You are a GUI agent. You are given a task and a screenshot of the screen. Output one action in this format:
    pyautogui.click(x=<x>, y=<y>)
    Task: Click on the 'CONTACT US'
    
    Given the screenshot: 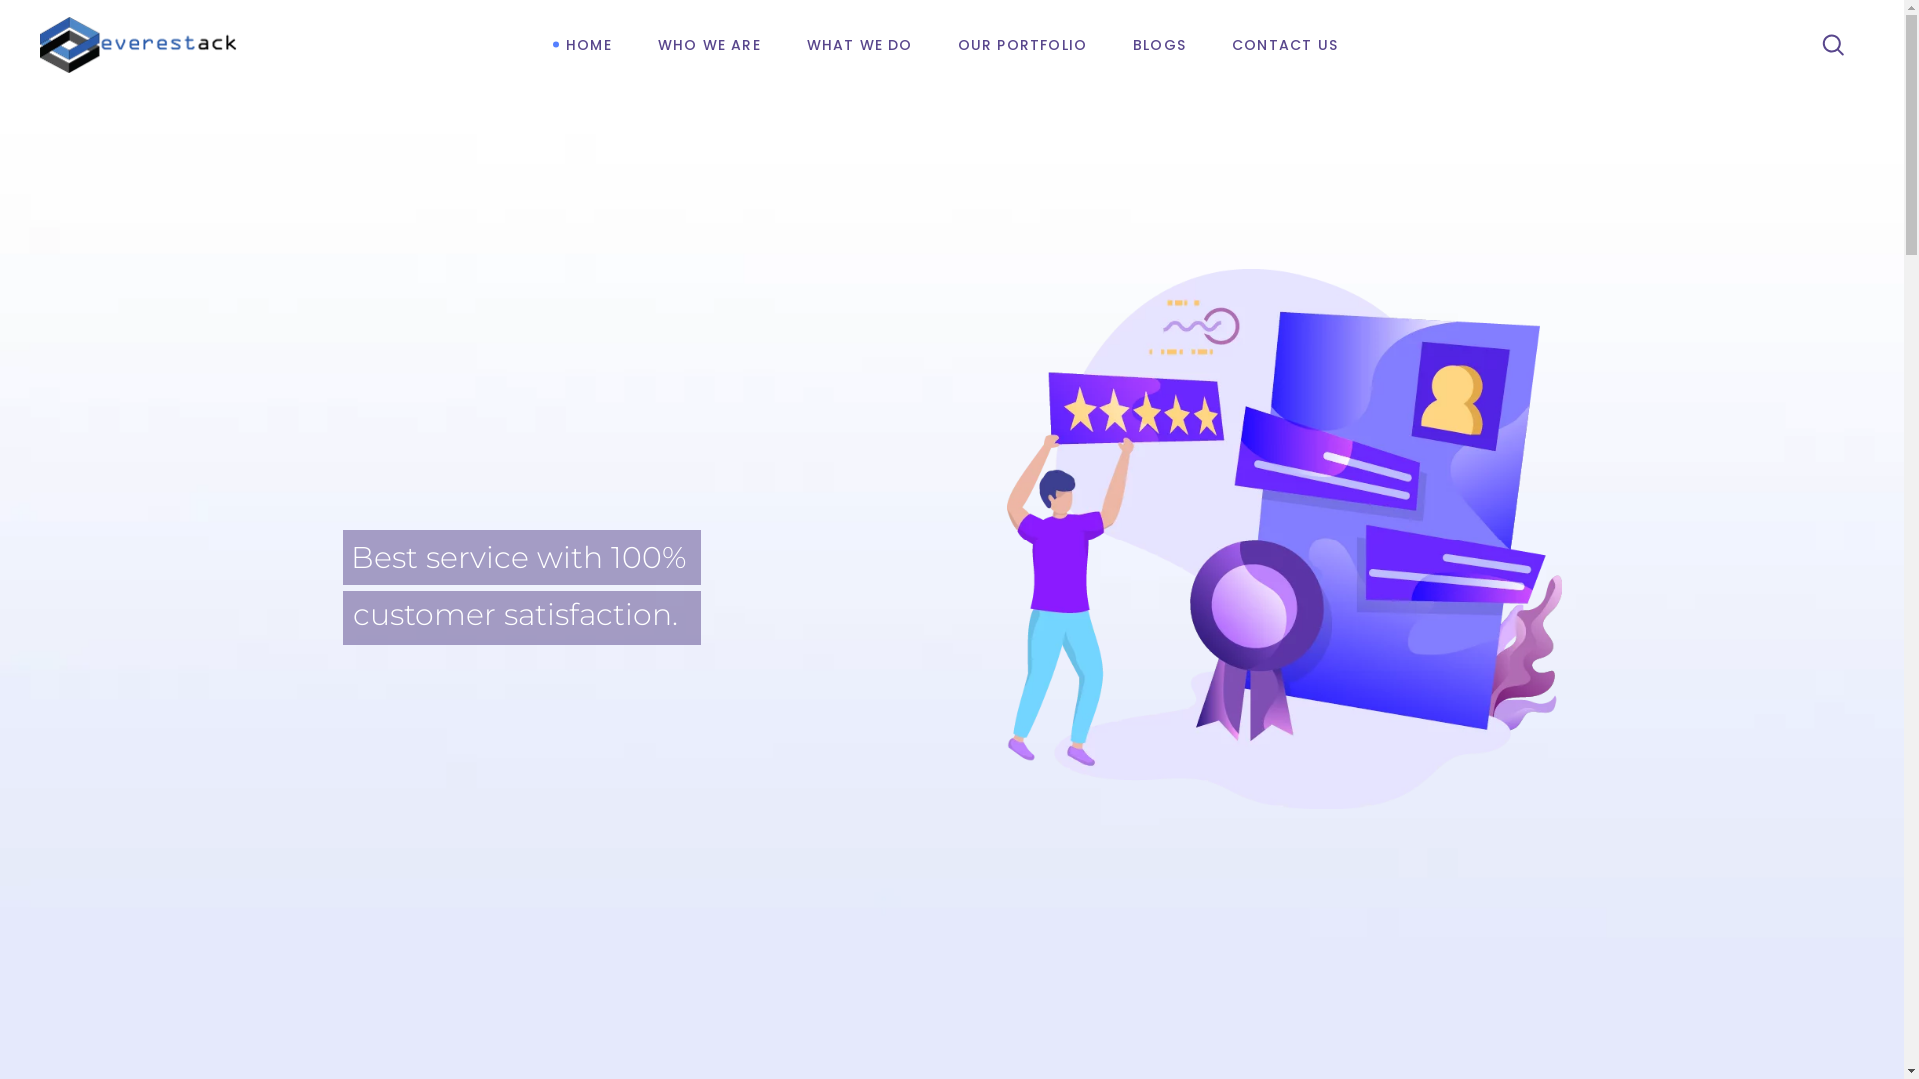 What is the action you would take?
    pyautogui.click(x=1285, y=45)
    